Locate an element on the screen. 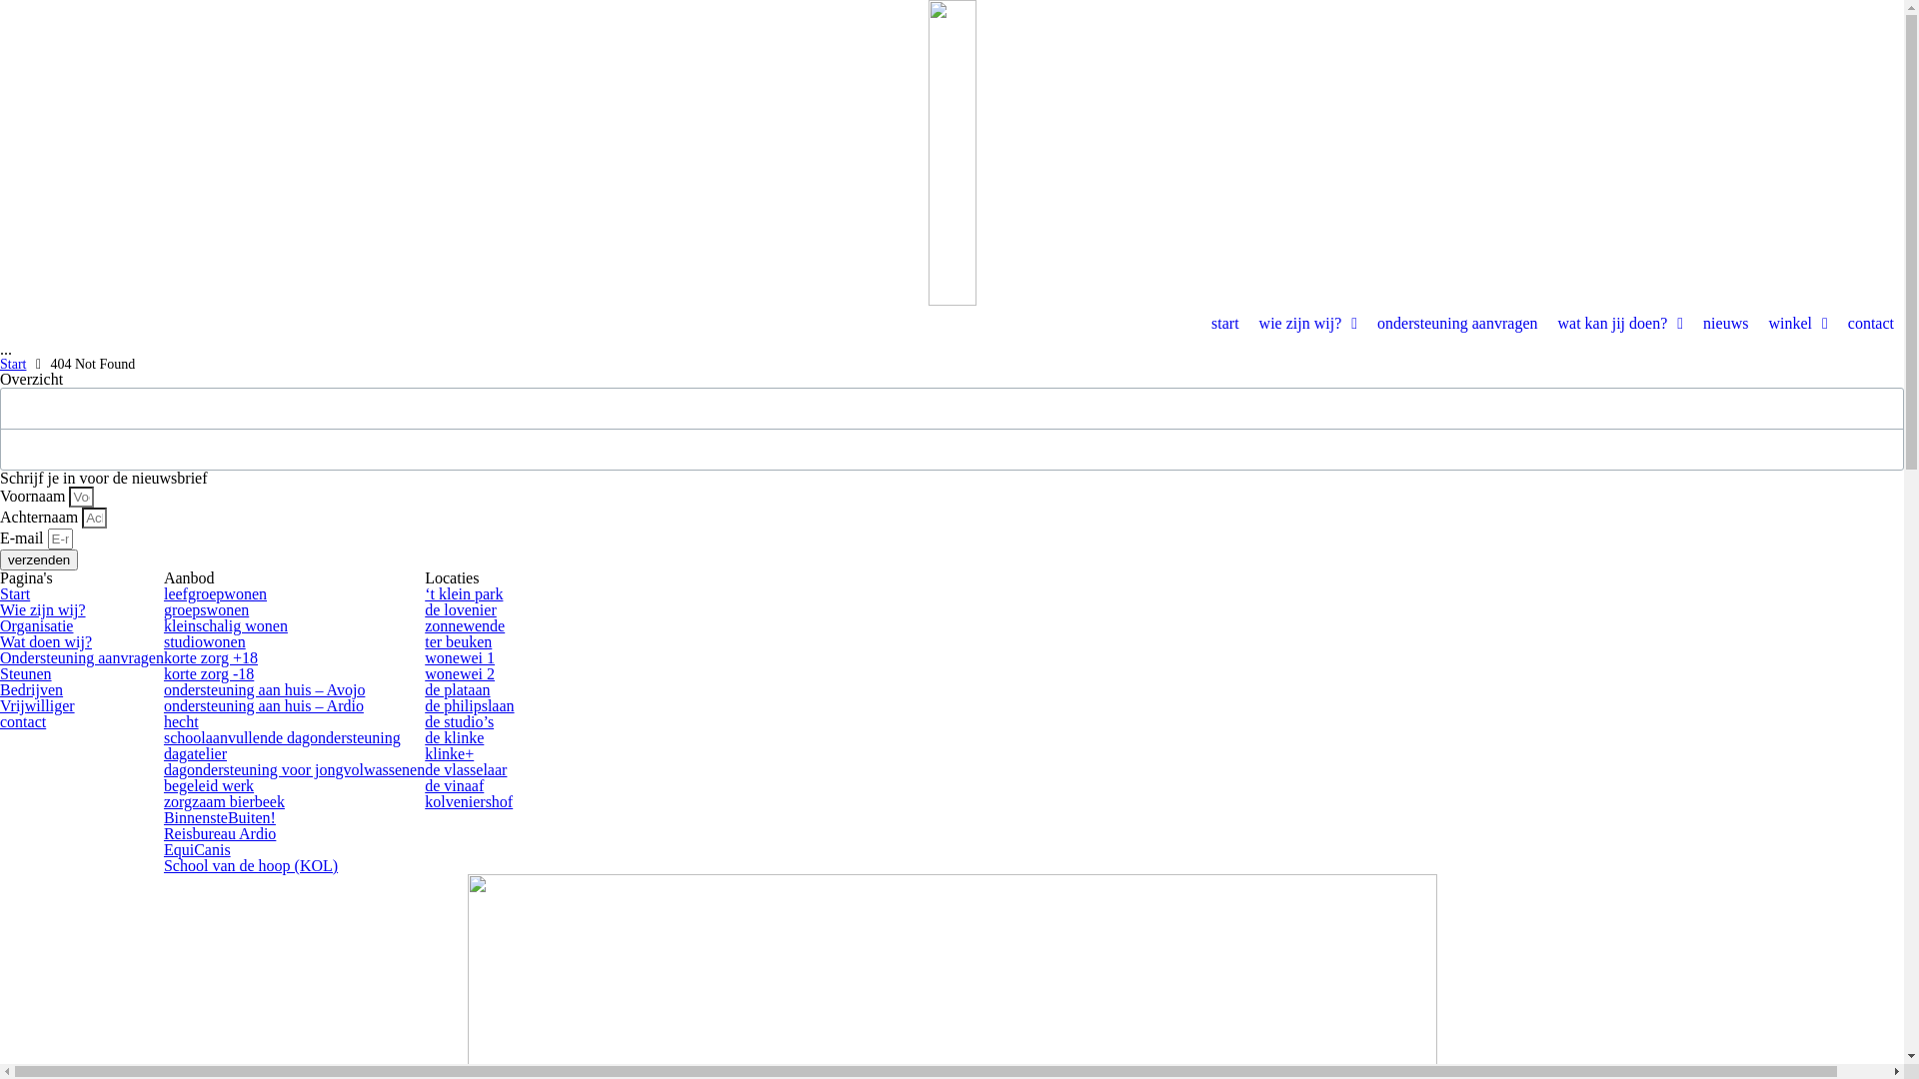 This screenshot has height=1079, width=1919. 'korte zorg +18' is located at coordinates (211, 657).